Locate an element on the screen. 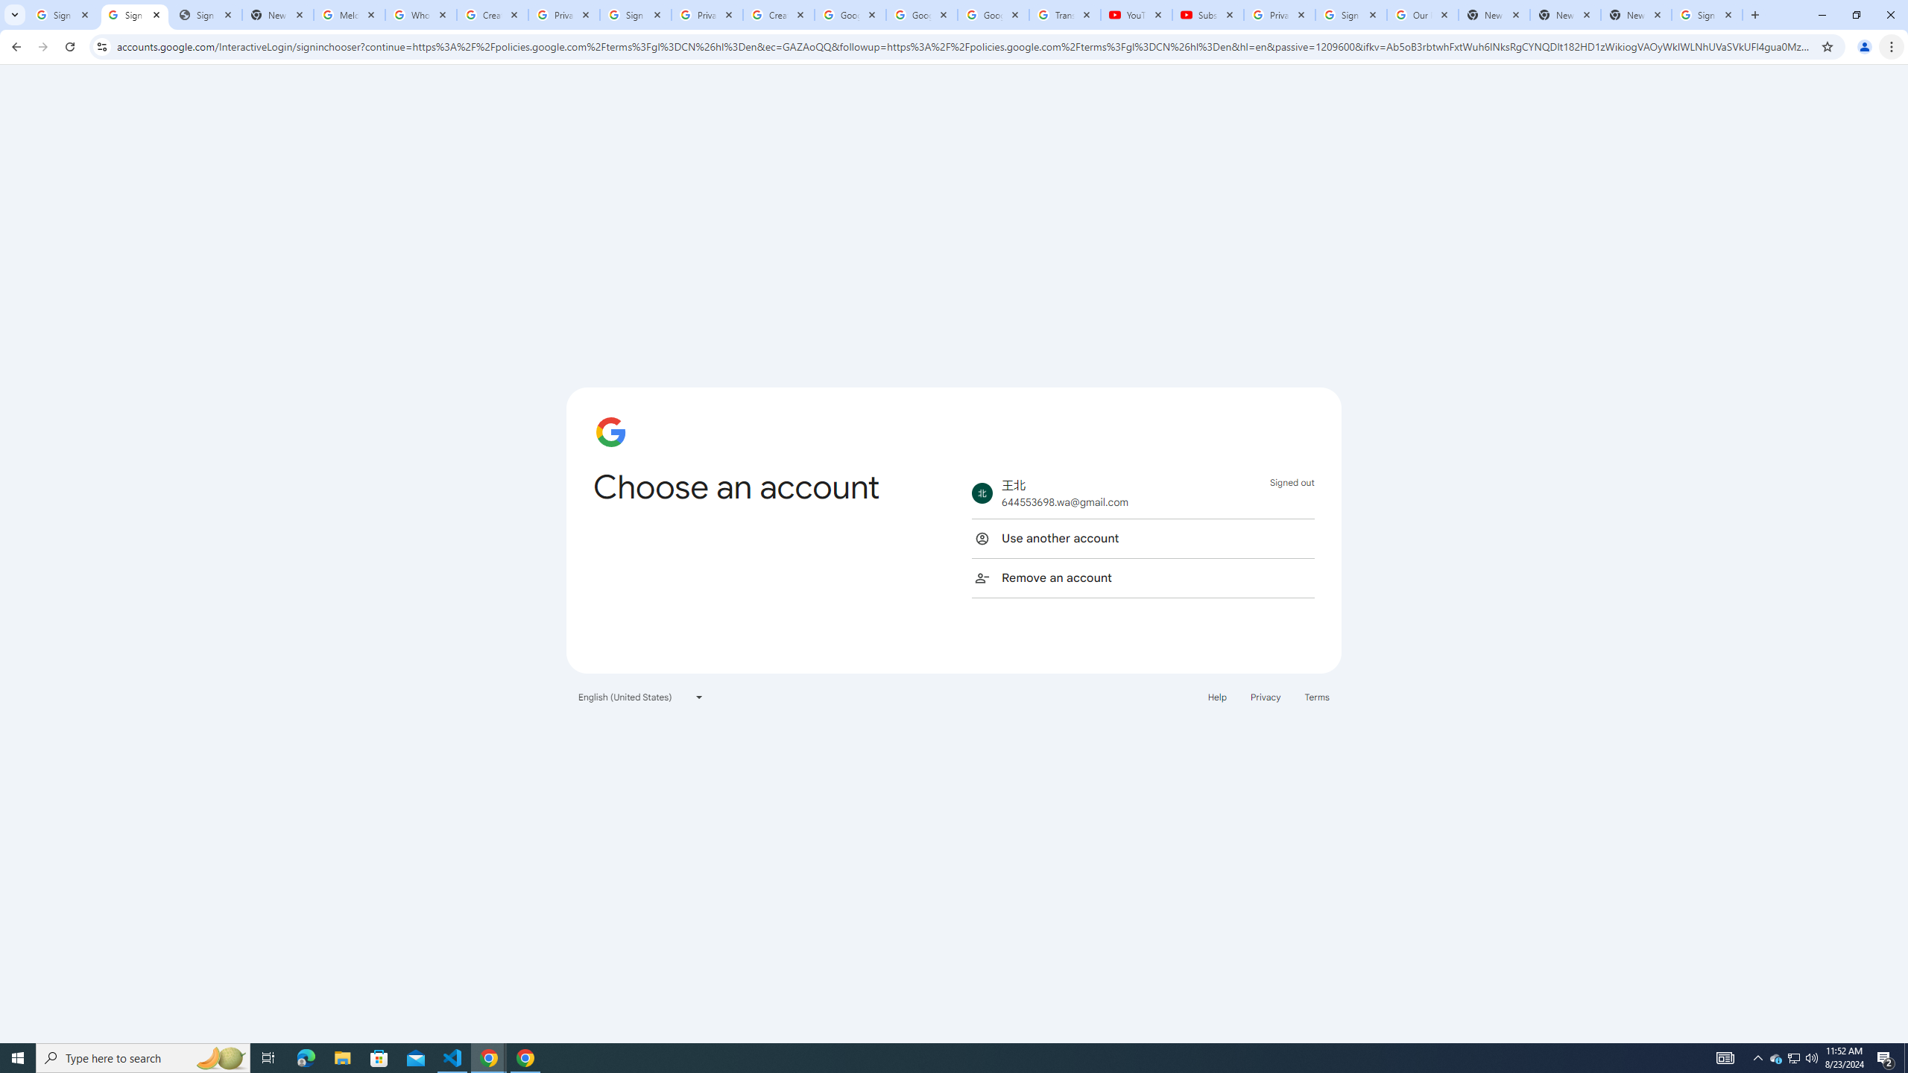 This screenshot has width=1908, height=1073. 'New Tab' is located at coordinates (1637, 14).